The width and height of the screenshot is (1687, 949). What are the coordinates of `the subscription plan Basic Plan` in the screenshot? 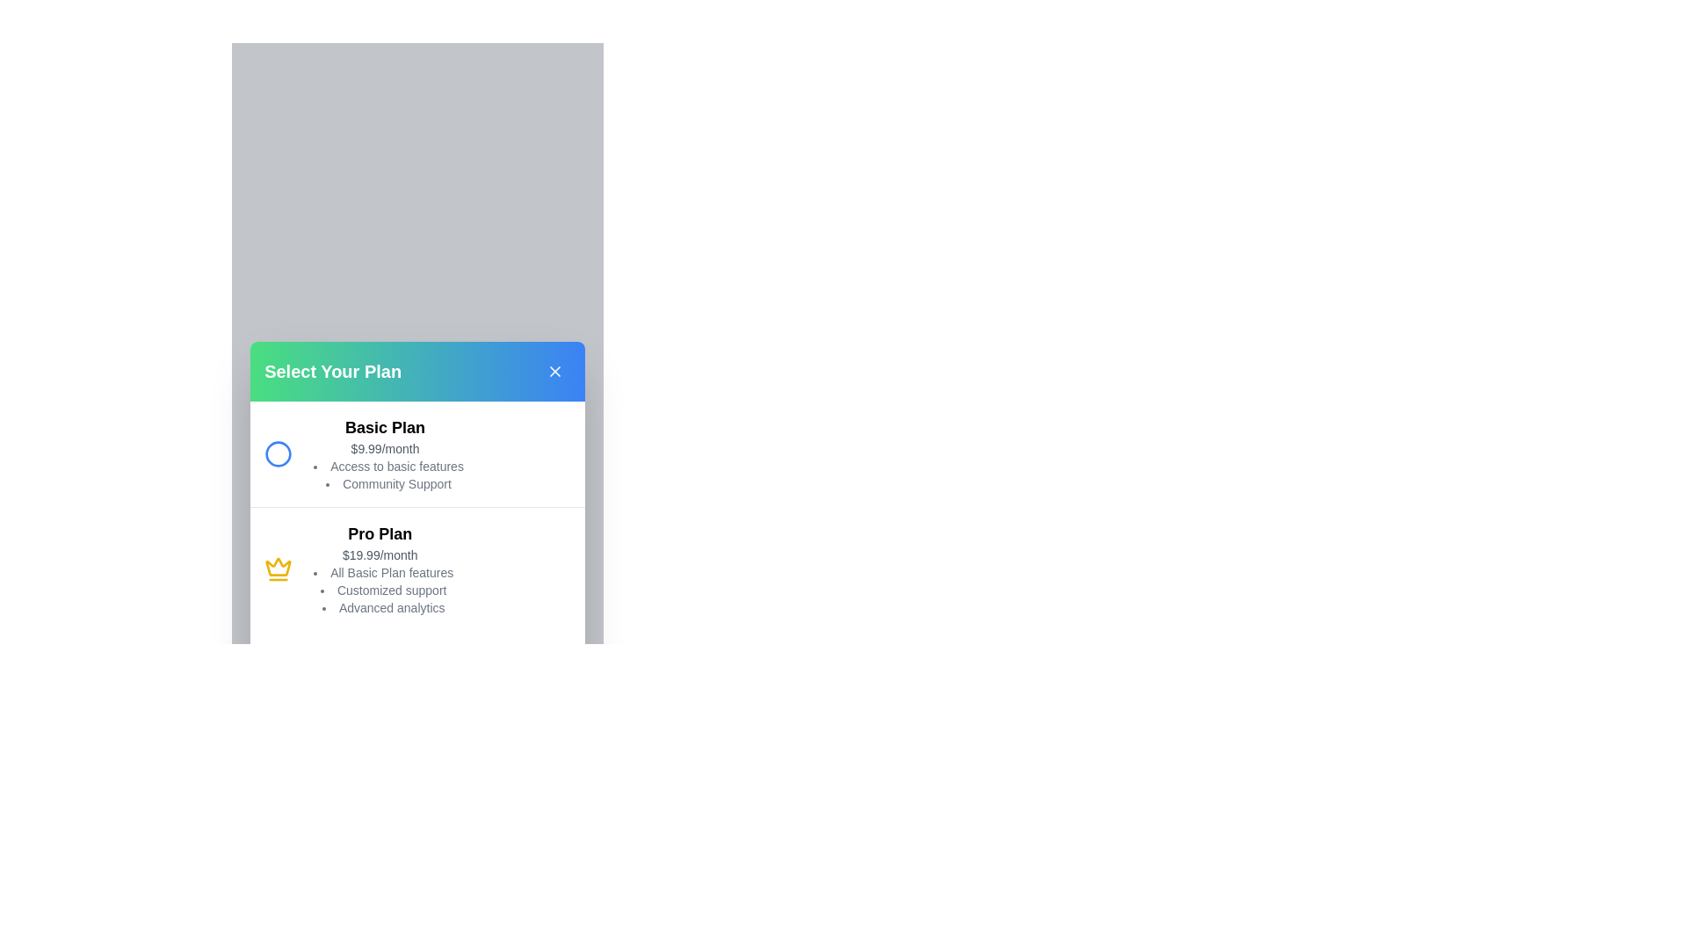 It's located at (278, 453).